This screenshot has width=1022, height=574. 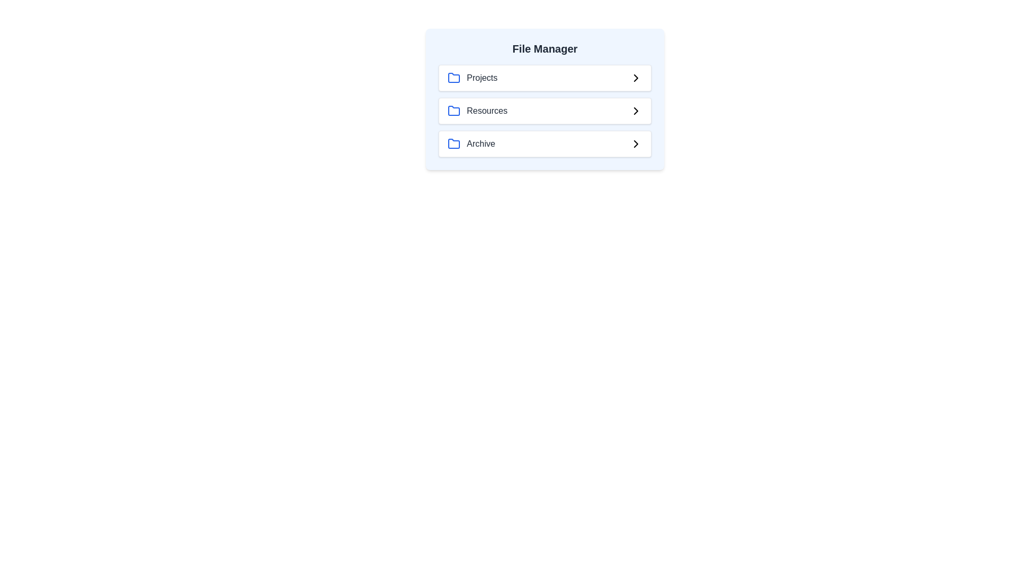 What do you see at coordinates (636, 77) in the screenshot?
I see `the chevron icon located in the Projects section of the File Manager interface` at bounding box center [636, 77].